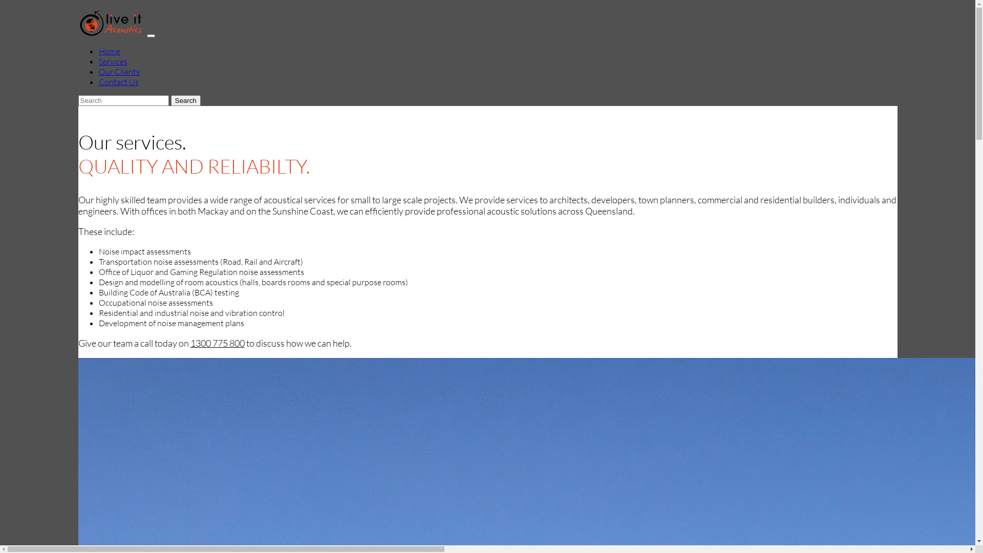 The image size is (983, 553). Describe the element at coordinates (98, 71) in the screenshot. I see `'Our Clients'` at that location.